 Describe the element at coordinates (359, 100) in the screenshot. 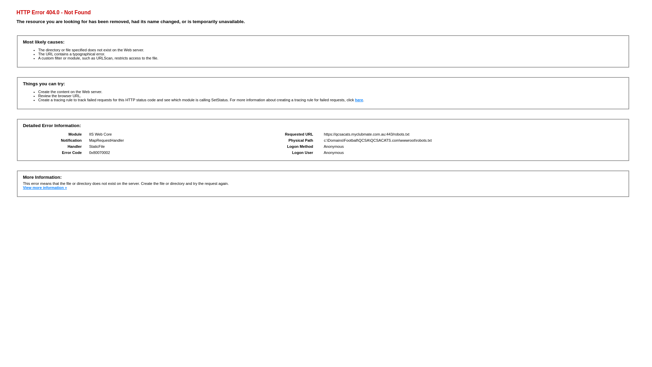

I see `'here'` at that location.